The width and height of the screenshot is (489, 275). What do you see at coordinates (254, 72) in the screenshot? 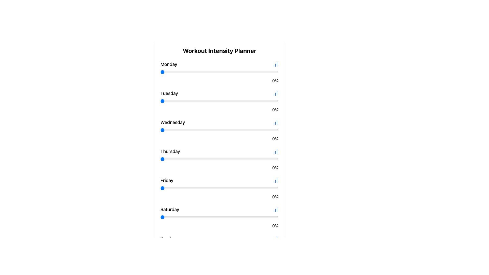
I see `the workout intensity for Monday` at bounding box center [254, 72].